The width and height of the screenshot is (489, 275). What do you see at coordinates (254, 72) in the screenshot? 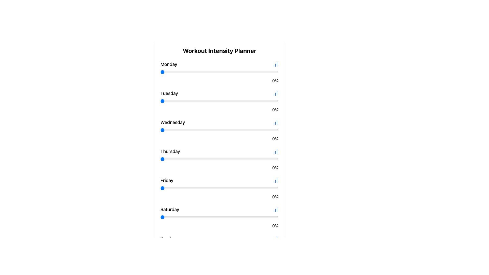
I see `the workout intensity for Monday` at bounding box center [254, 72].